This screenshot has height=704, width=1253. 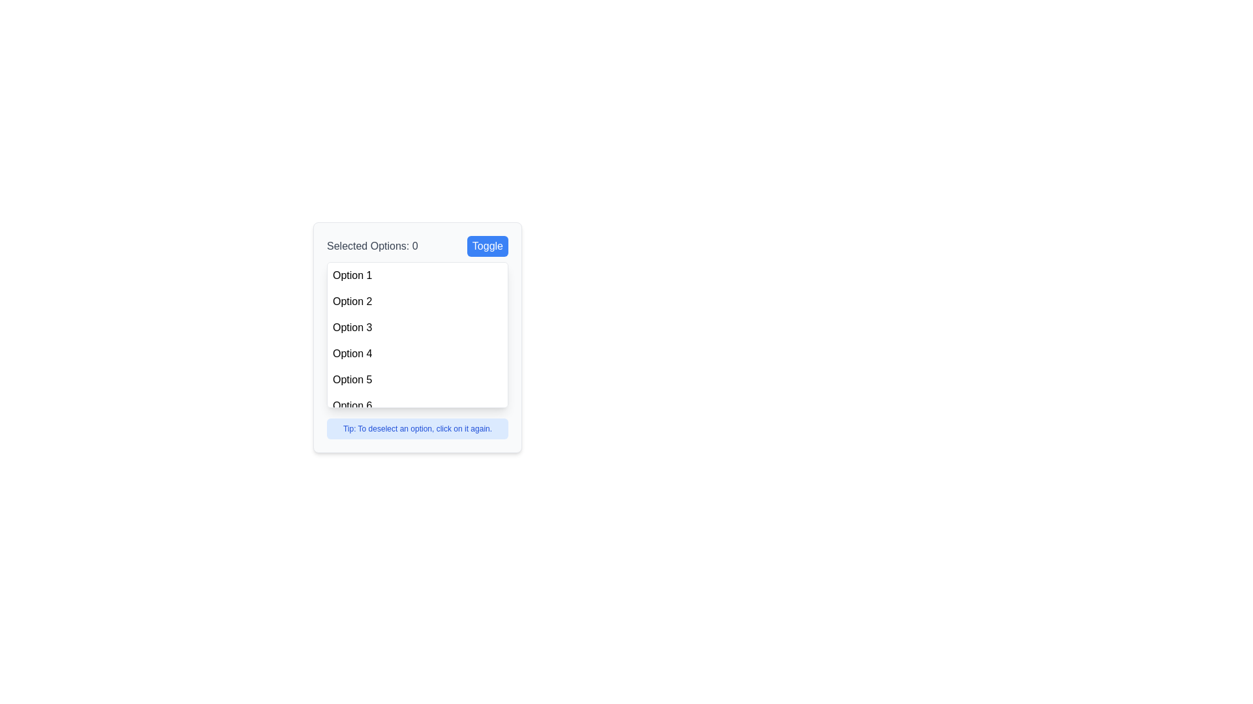 What do you see at coordinates (352, 405) in the screenshot?
I see `the 'Text' option in the dropdown list, which is the last entry in the vertical list of options positioned below 'Option 5'` at bounding box center [352, 405].